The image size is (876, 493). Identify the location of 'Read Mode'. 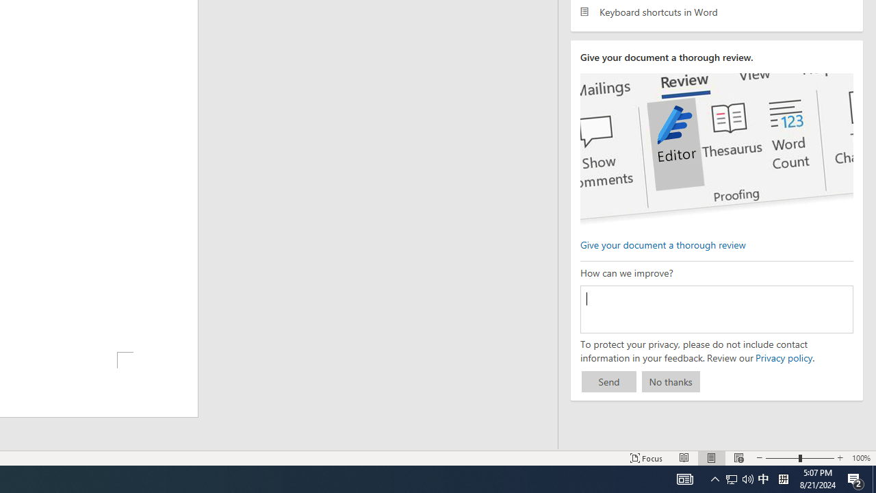
(684, 458).